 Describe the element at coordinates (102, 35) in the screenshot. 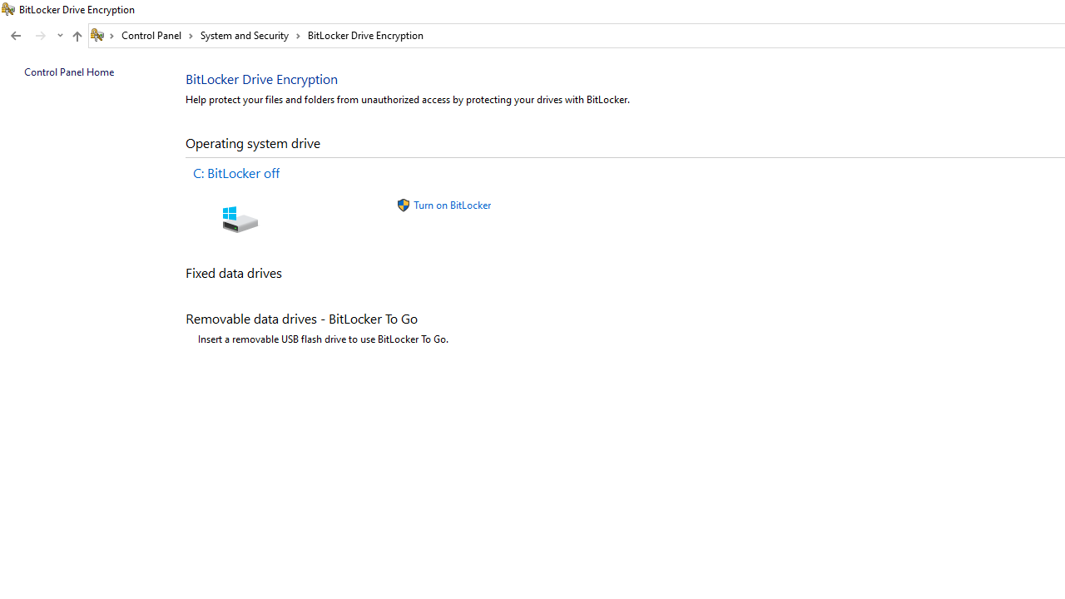

I see `'All locations'` at that location.